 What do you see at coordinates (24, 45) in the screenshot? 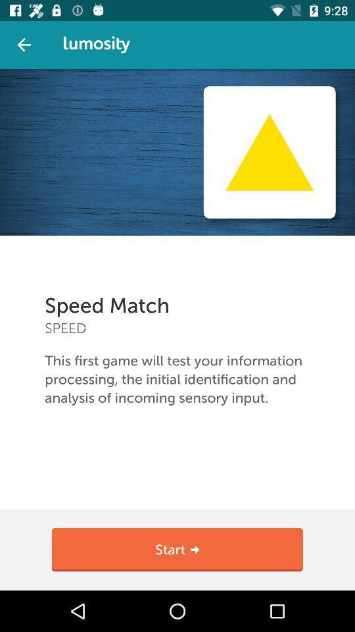
I see `go back` at bounding box center [24, 45].